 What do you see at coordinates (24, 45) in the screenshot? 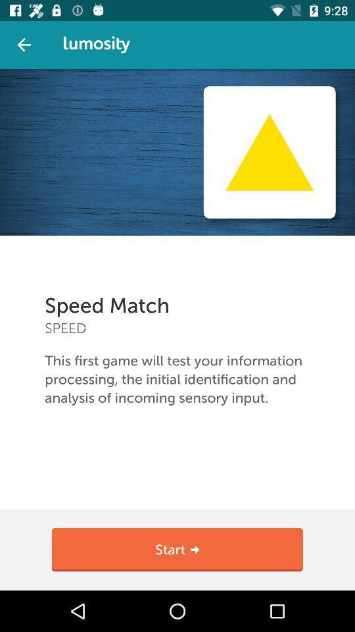
I see `go back` at bounding box center [24, 45].